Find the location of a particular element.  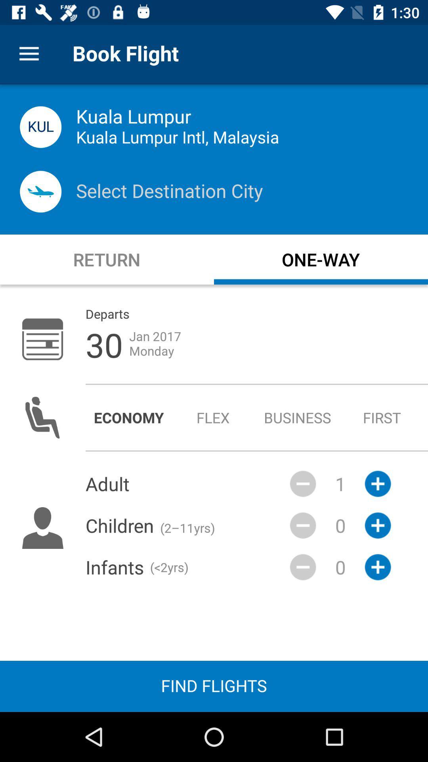

radio button to the left of the business is located at coordinates (213, 417).